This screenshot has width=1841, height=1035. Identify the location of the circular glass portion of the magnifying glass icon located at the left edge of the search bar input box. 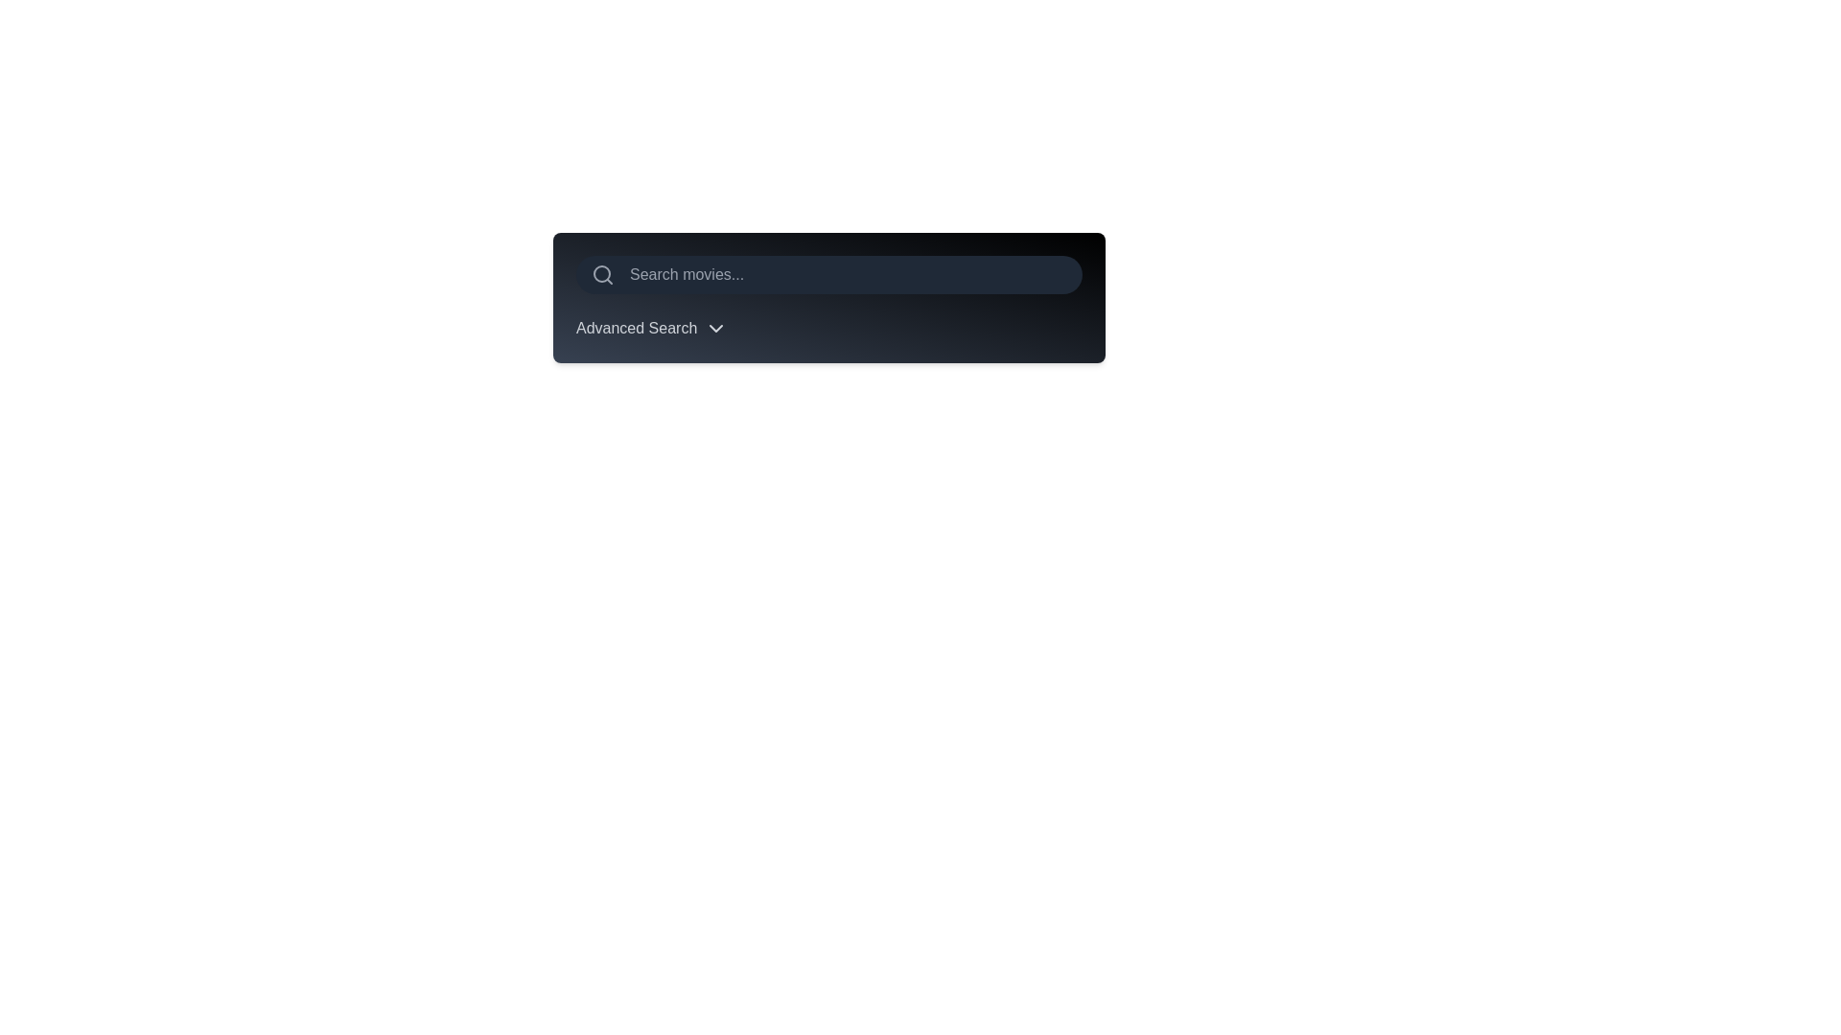
(601, 273).